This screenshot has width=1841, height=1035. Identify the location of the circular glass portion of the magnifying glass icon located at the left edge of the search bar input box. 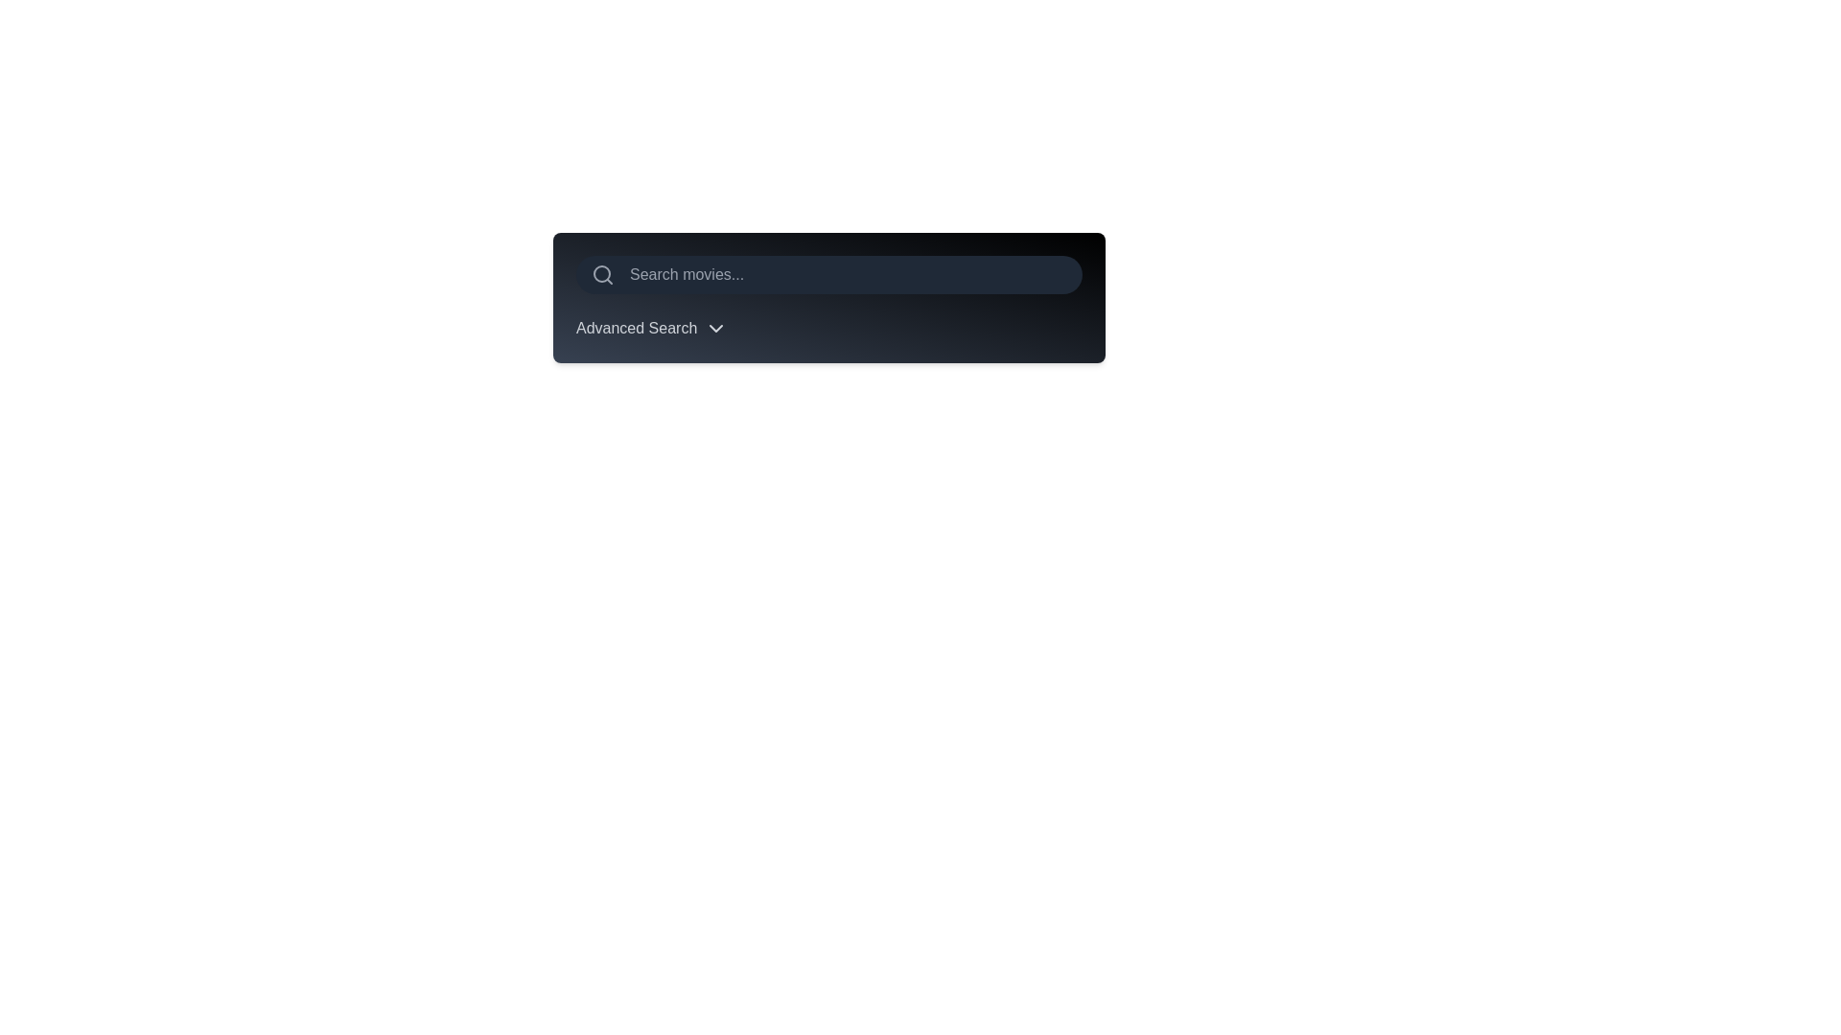
(601, 273).